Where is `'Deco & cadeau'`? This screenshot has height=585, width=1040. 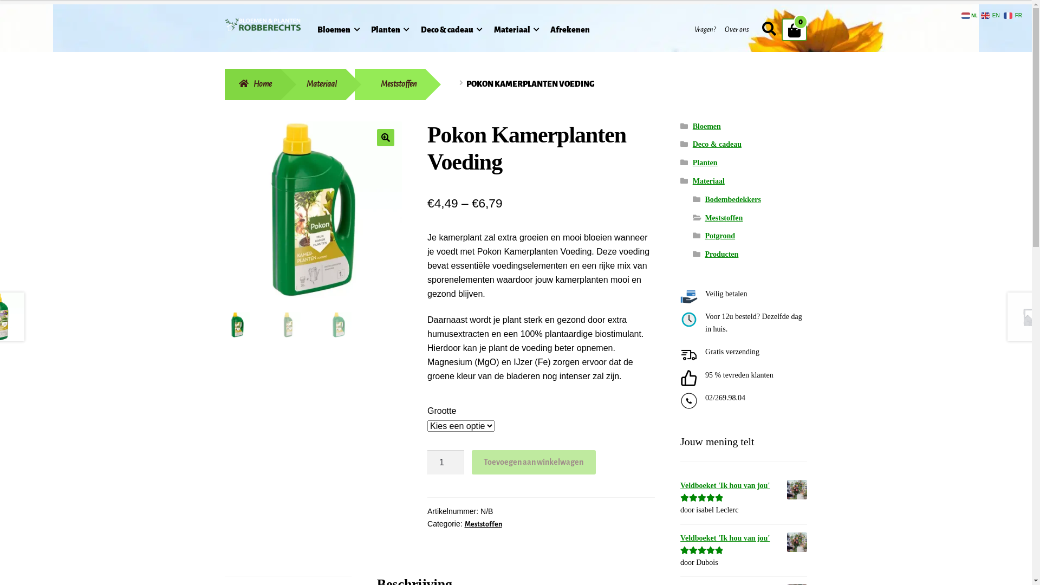
'Deco & cadeau' is located at coordinates (717, 144).